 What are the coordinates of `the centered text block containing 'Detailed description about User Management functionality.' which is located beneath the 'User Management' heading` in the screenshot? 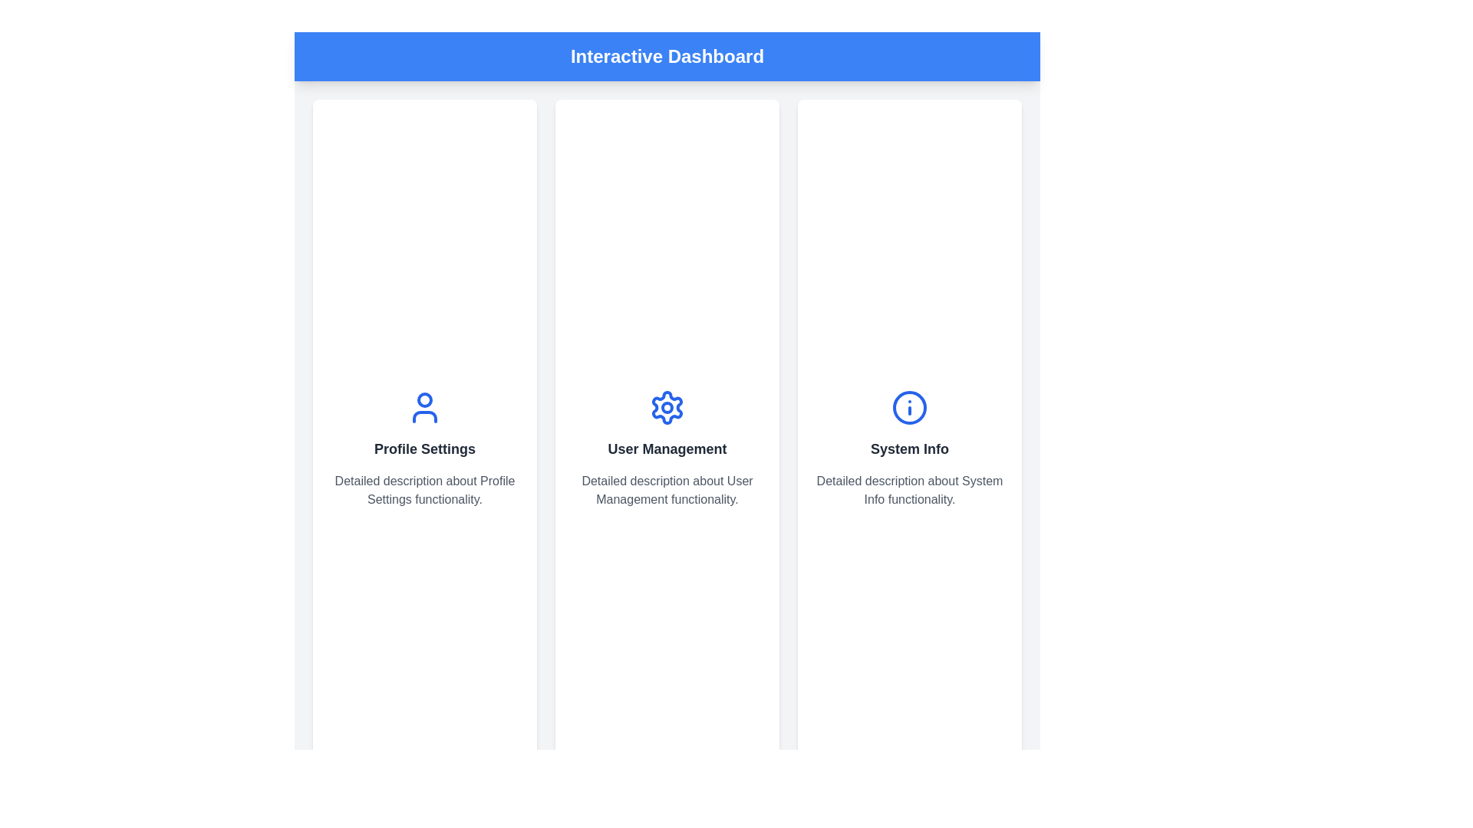 It's located at (667, 491).